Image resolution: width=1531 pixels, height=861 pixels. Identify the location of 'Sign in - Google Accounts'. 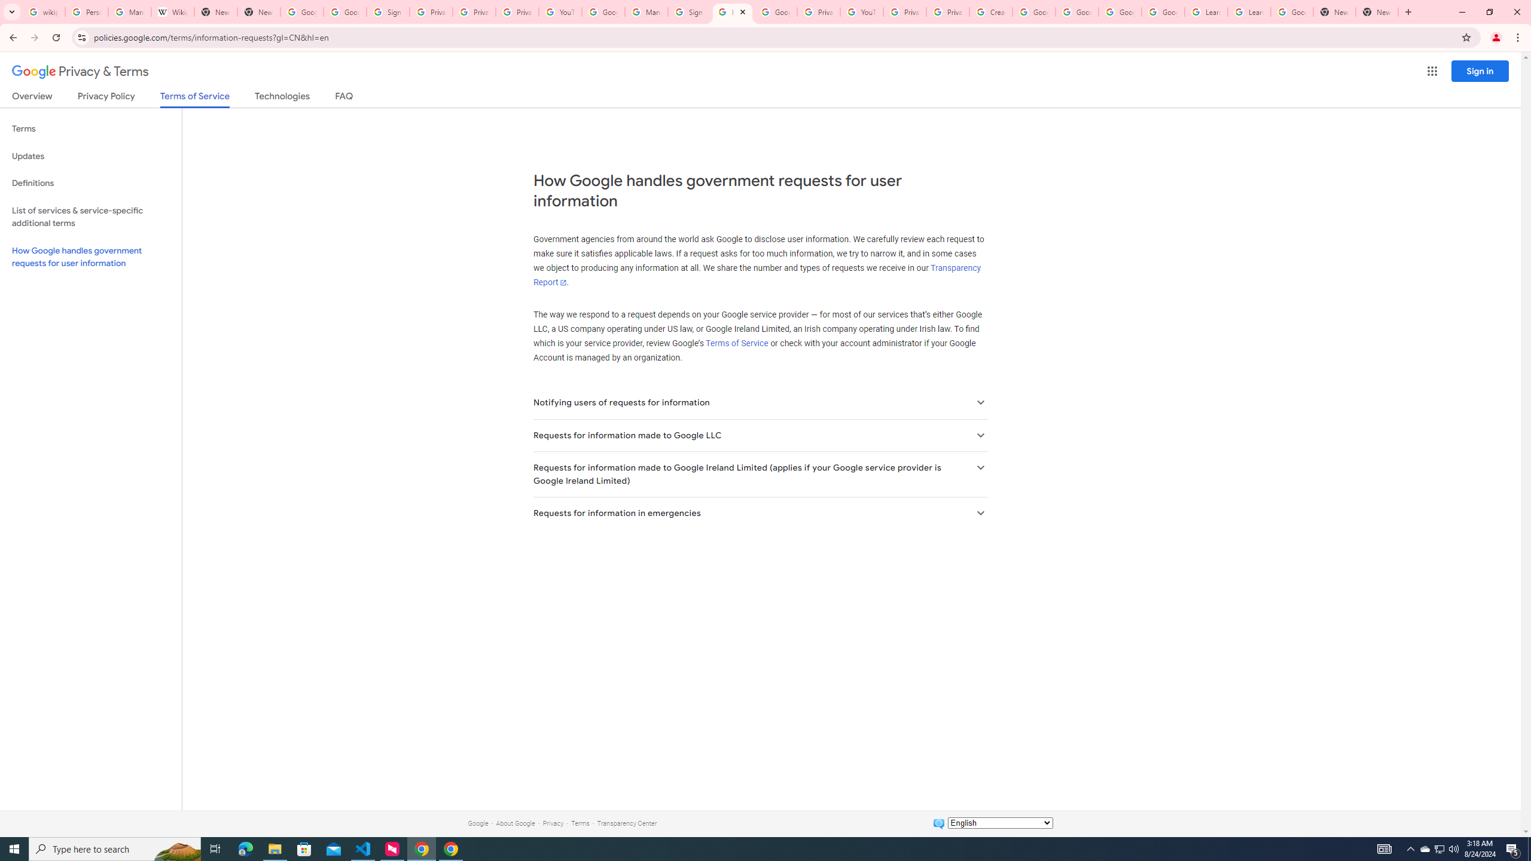
(690, 11).